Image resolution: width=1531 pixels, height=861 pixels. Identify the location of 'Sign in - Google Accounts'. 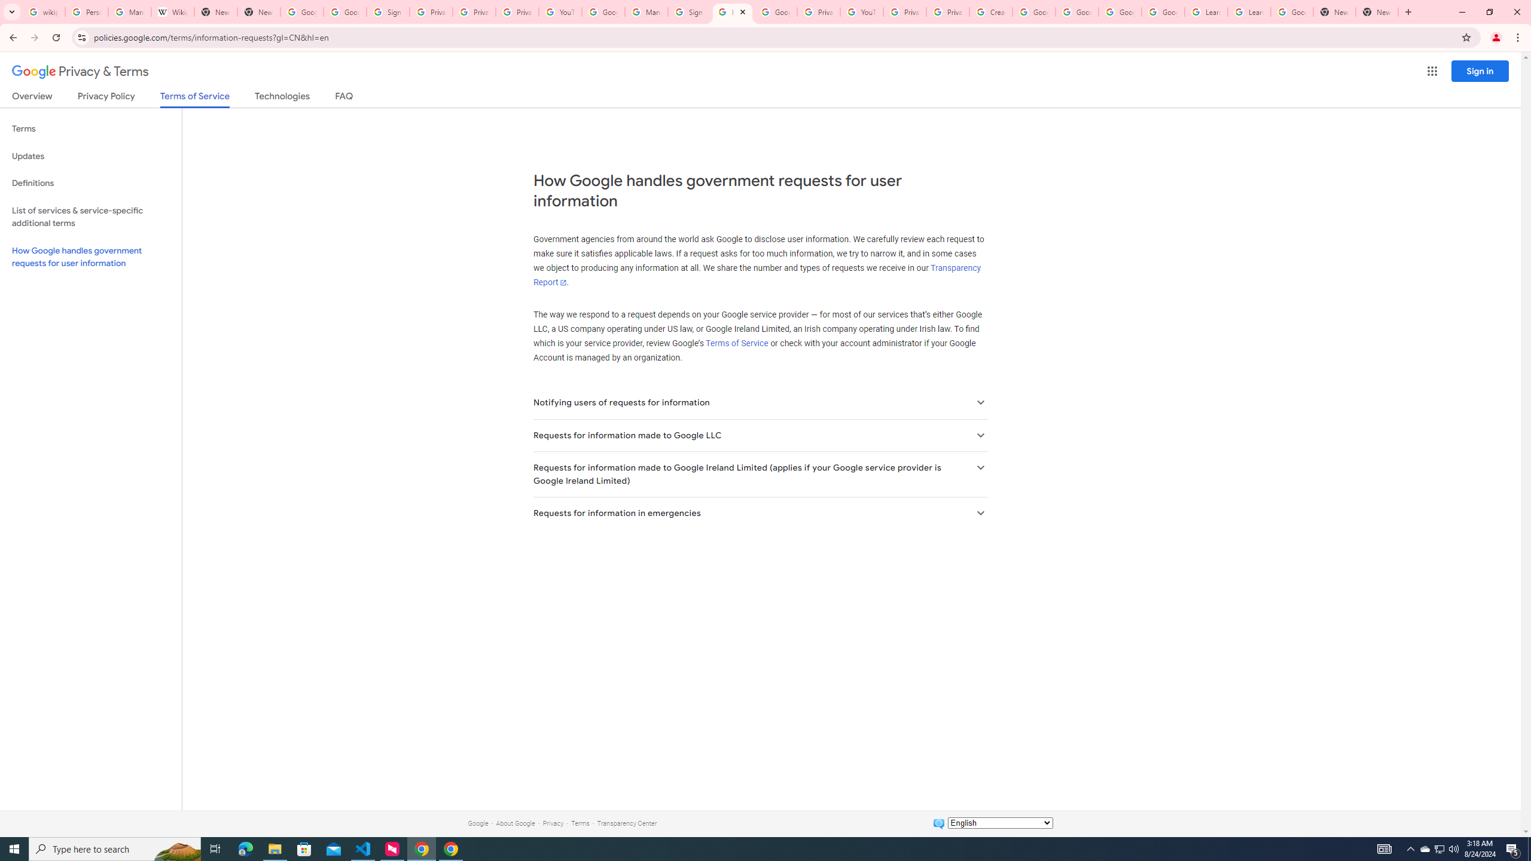
(690, 11).